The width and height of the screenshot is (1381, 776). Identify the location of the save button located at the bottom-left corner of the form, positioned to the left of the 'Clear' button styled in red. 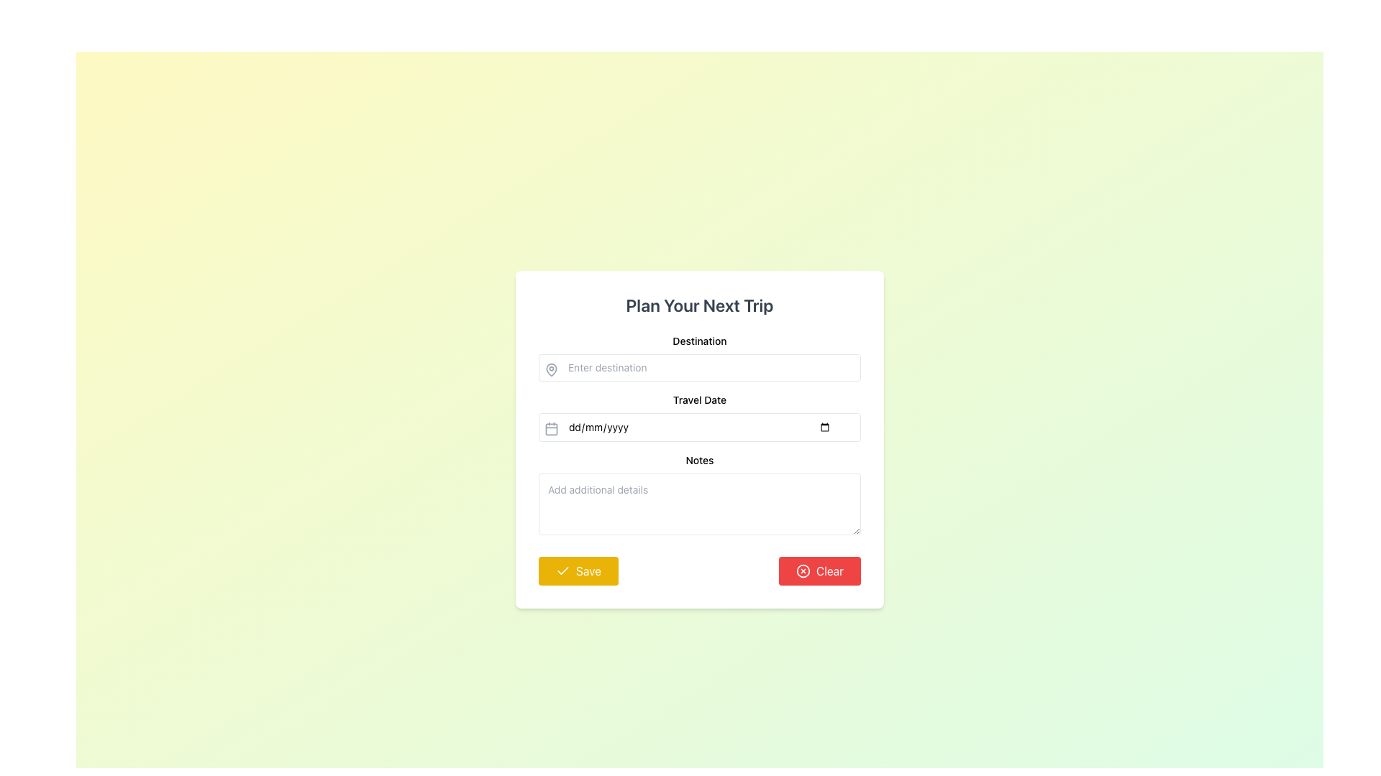
(578, 570).